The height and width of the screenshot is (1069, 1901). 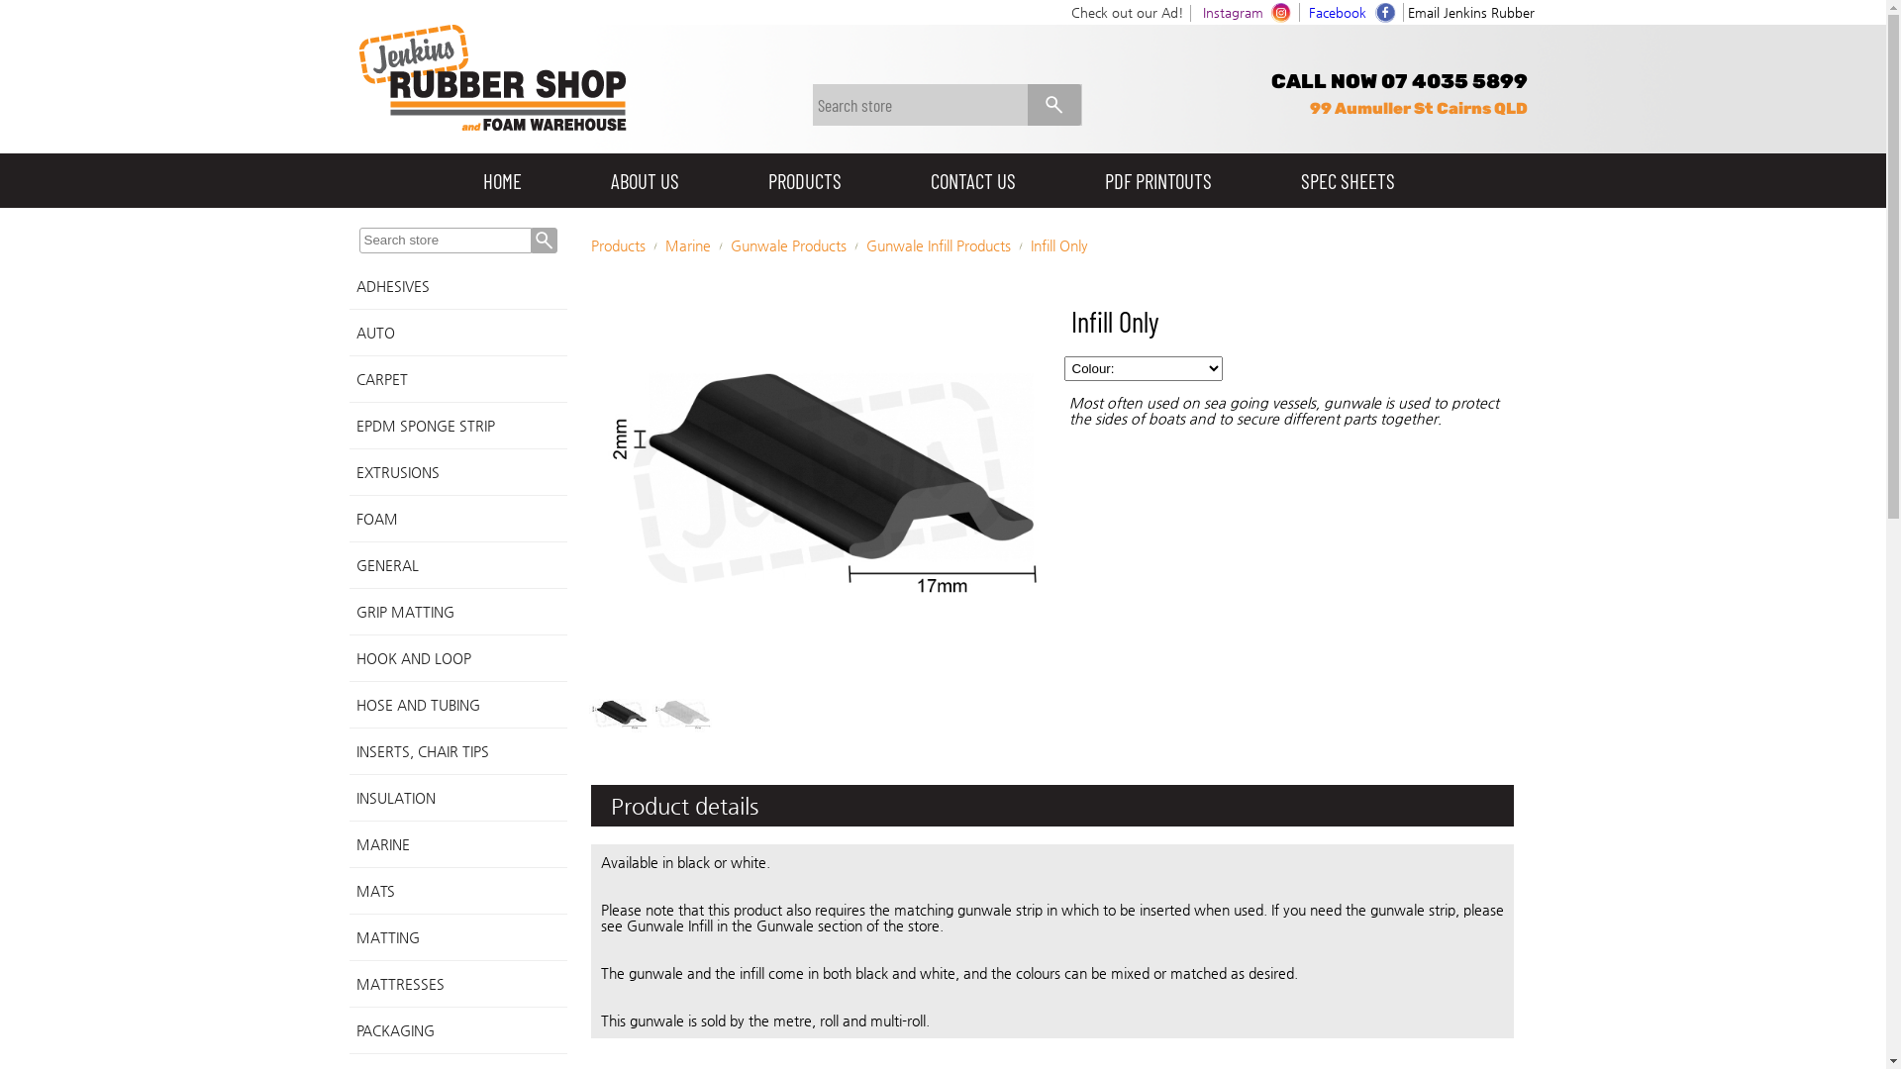 I want to click on '99 Aumuller St Cairns QLD', so click(x=1416, y=108).